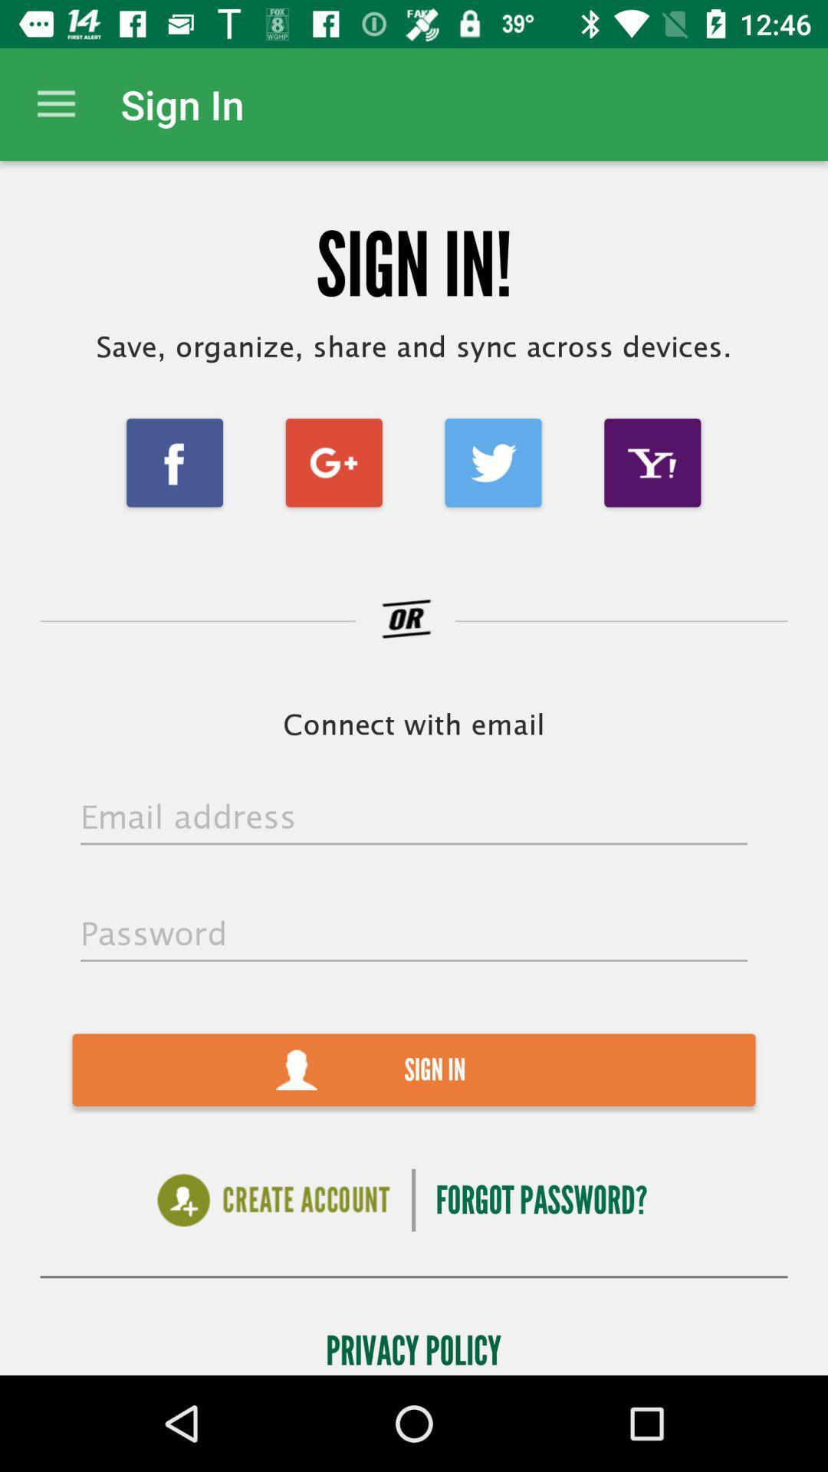  What do you see at coordinates (173, 462) in the screenshot?
I see `item below save organize share item` at bounding box center [173, 462].